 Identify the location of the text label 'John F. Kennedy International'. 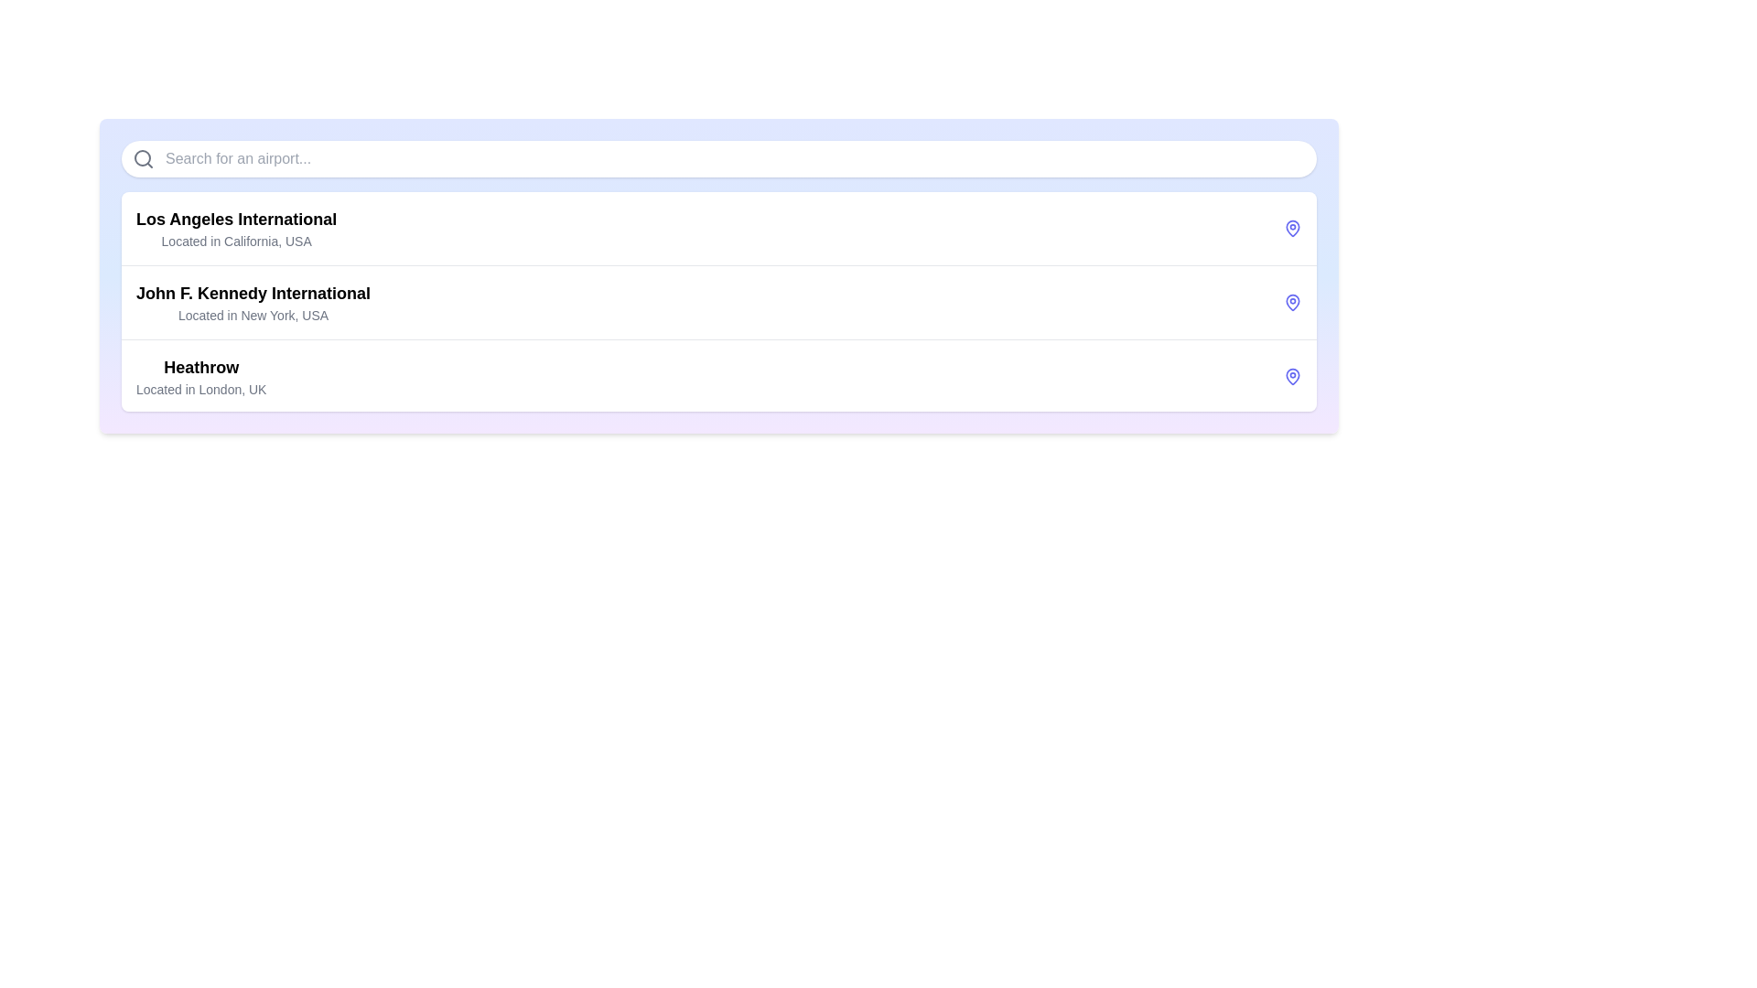
(253, 292).